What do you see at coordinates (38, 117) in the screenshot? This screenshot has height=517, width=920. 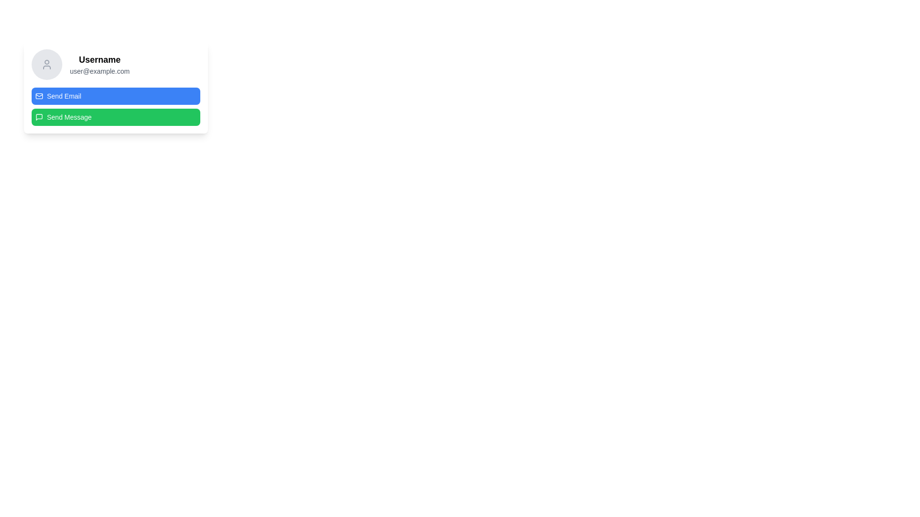 I see `the green 'Send Message' button that contains the message icon to send a message` at bounding box center [38, 117].